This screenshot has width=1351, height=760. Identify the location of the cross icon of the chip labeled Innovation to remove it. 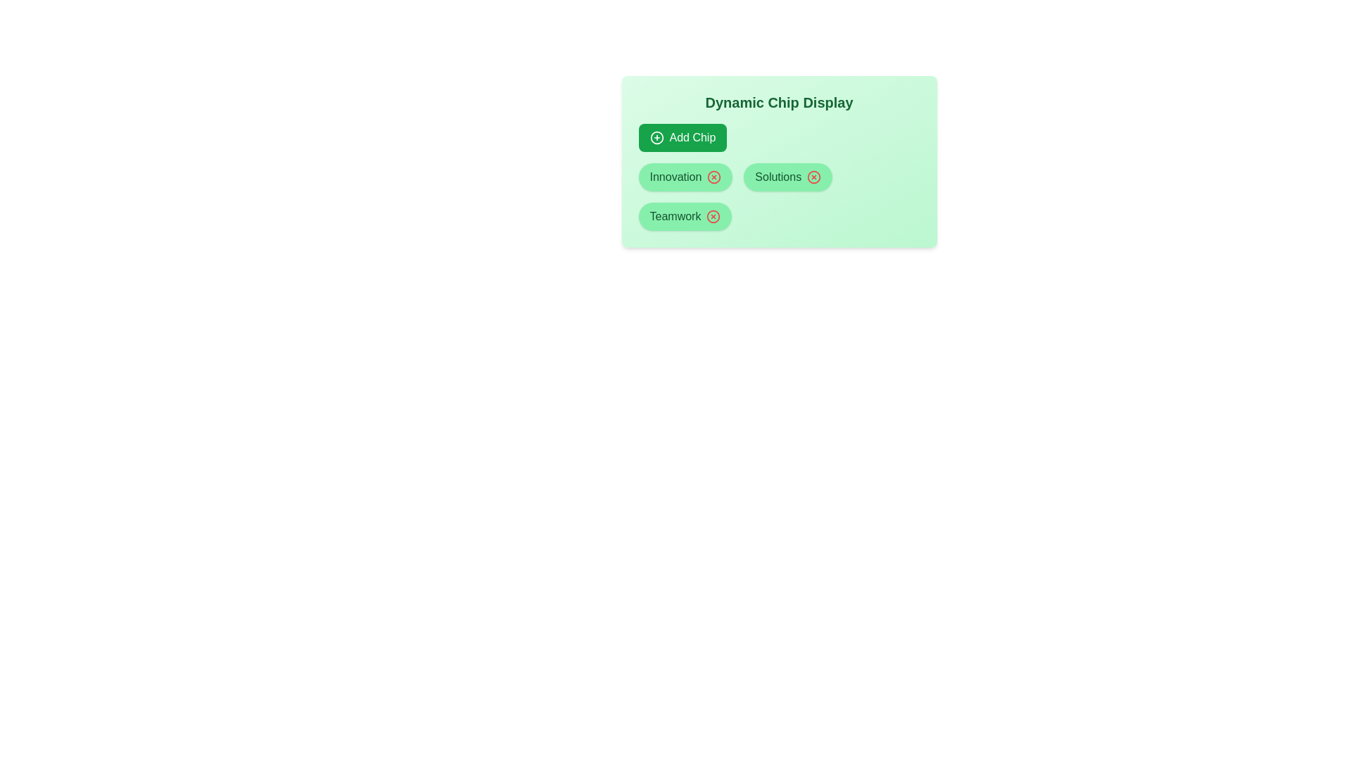
(714, 176).